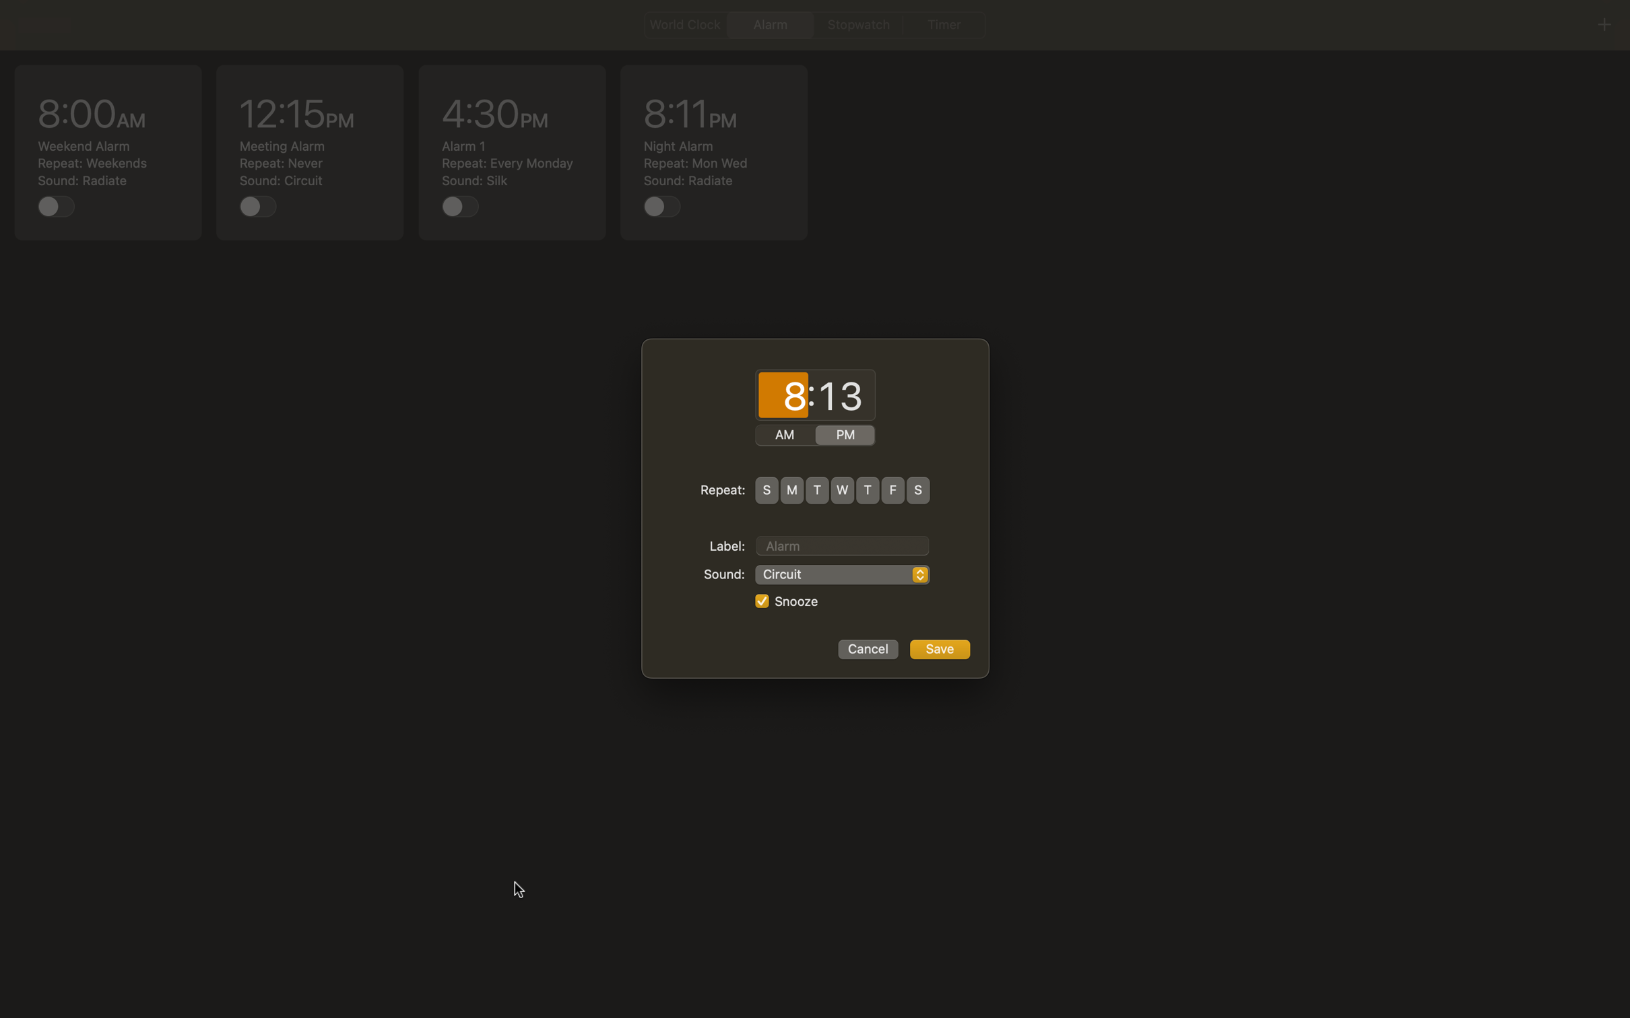 Image resolution: width=1630 pixels, height=1018 pixels. I want to click on Finalize alarm configuration, so click(939, 649).